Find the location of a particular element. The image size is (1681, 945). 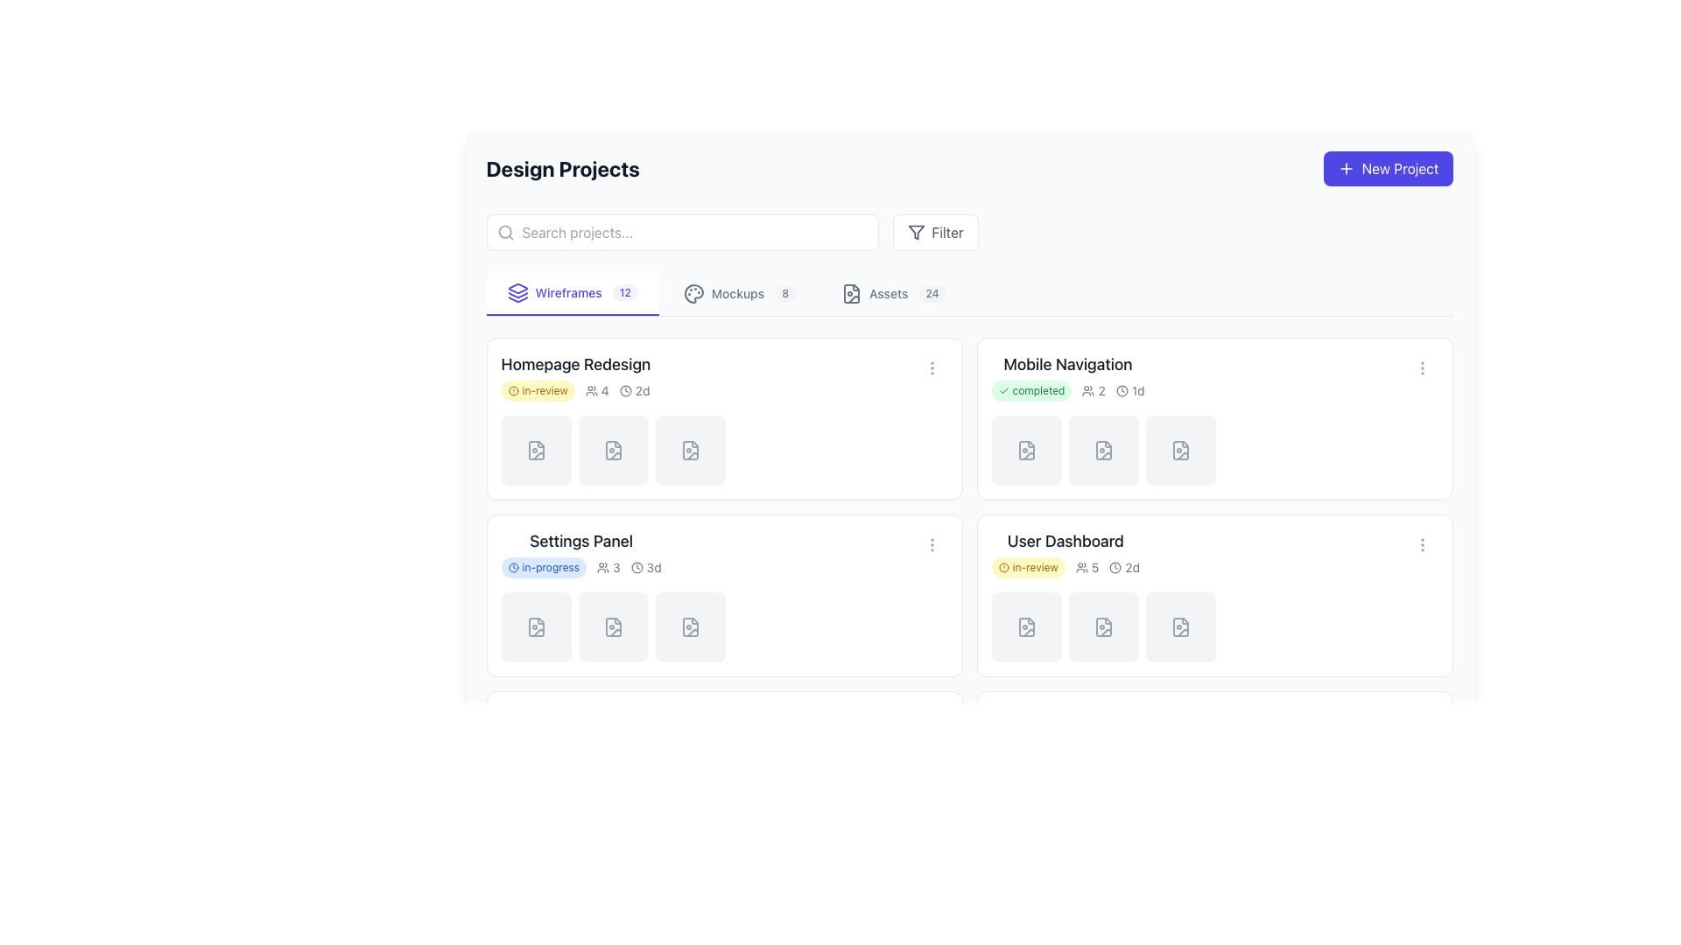

informational label indicating the number of contributors associated with the 'Settings Panel' project, located right of the 'in-progress' label is located at coordinates (608, 567).